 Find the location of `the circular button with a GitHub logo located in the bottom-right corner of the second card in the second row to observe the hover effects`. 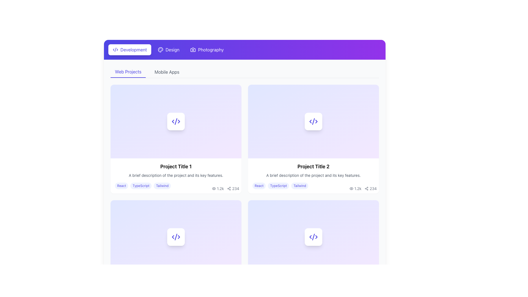

the circular button with a GitHub logo located in the bottom-right corner of the second card in the second row to observe the hover effects is located at coordinates (361, 207).